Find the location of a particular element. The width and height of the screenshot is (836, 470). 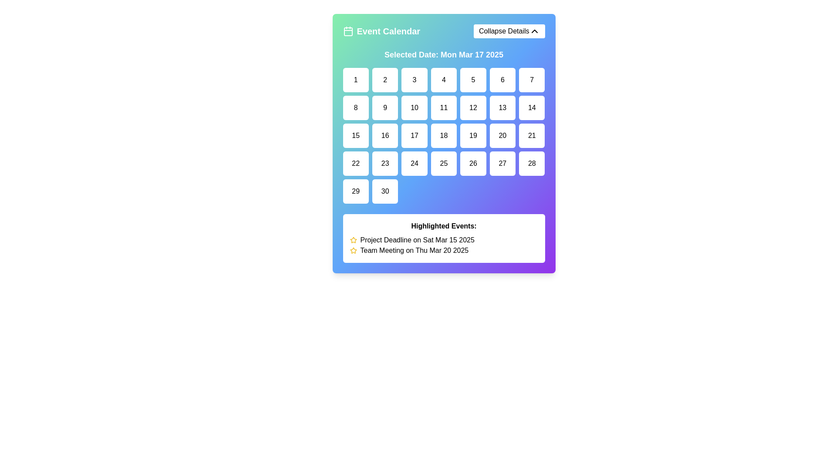

the text element displaying 'Project Deadline on Sat Mar 15 2025' with a yellow star icon, located under the 'Highlighted Events' section is located at coordinates (444, 240).